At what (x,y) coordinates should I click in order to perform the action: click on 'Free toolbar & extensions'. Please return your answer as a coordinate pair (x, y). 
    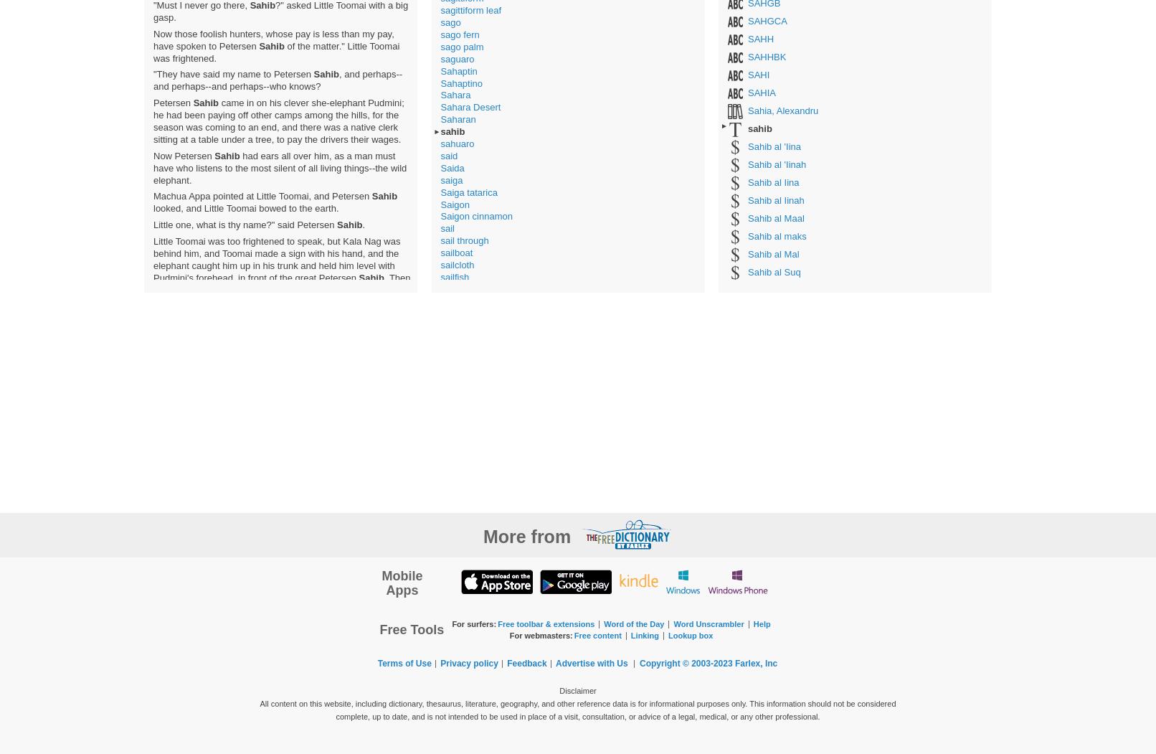
    Looking at the image, I should click on (497, 622).